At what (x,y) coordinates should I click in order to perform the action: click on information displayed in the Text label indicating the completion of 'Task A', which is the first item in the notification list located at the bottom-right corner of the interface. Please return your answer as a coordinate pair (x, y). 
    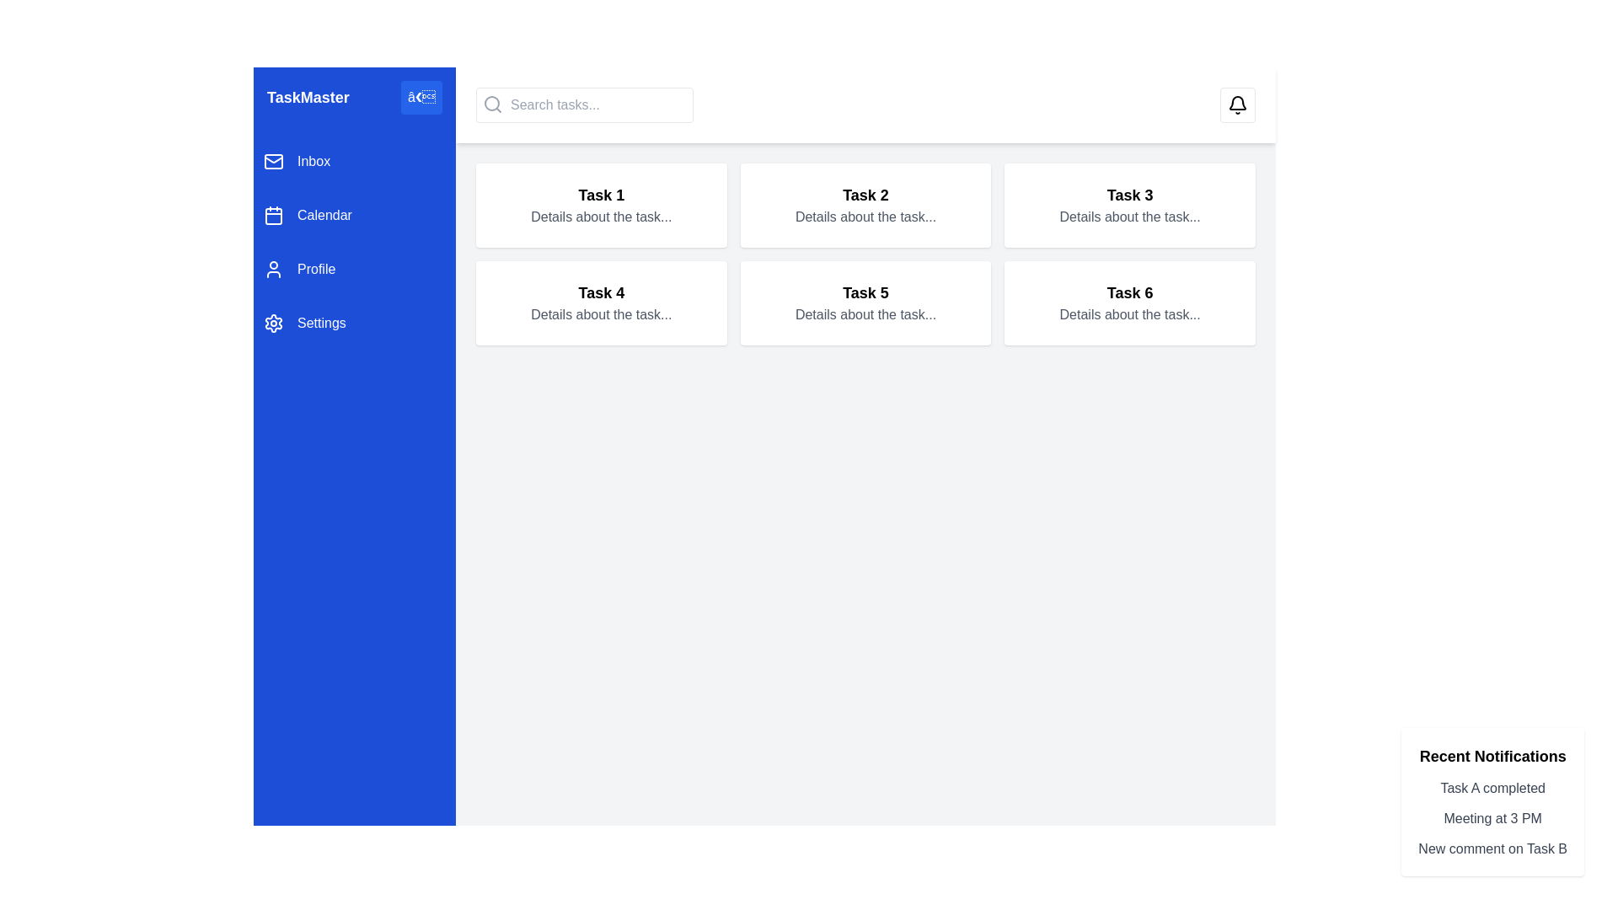
    Looking at the image, I should click on (1492, 789).